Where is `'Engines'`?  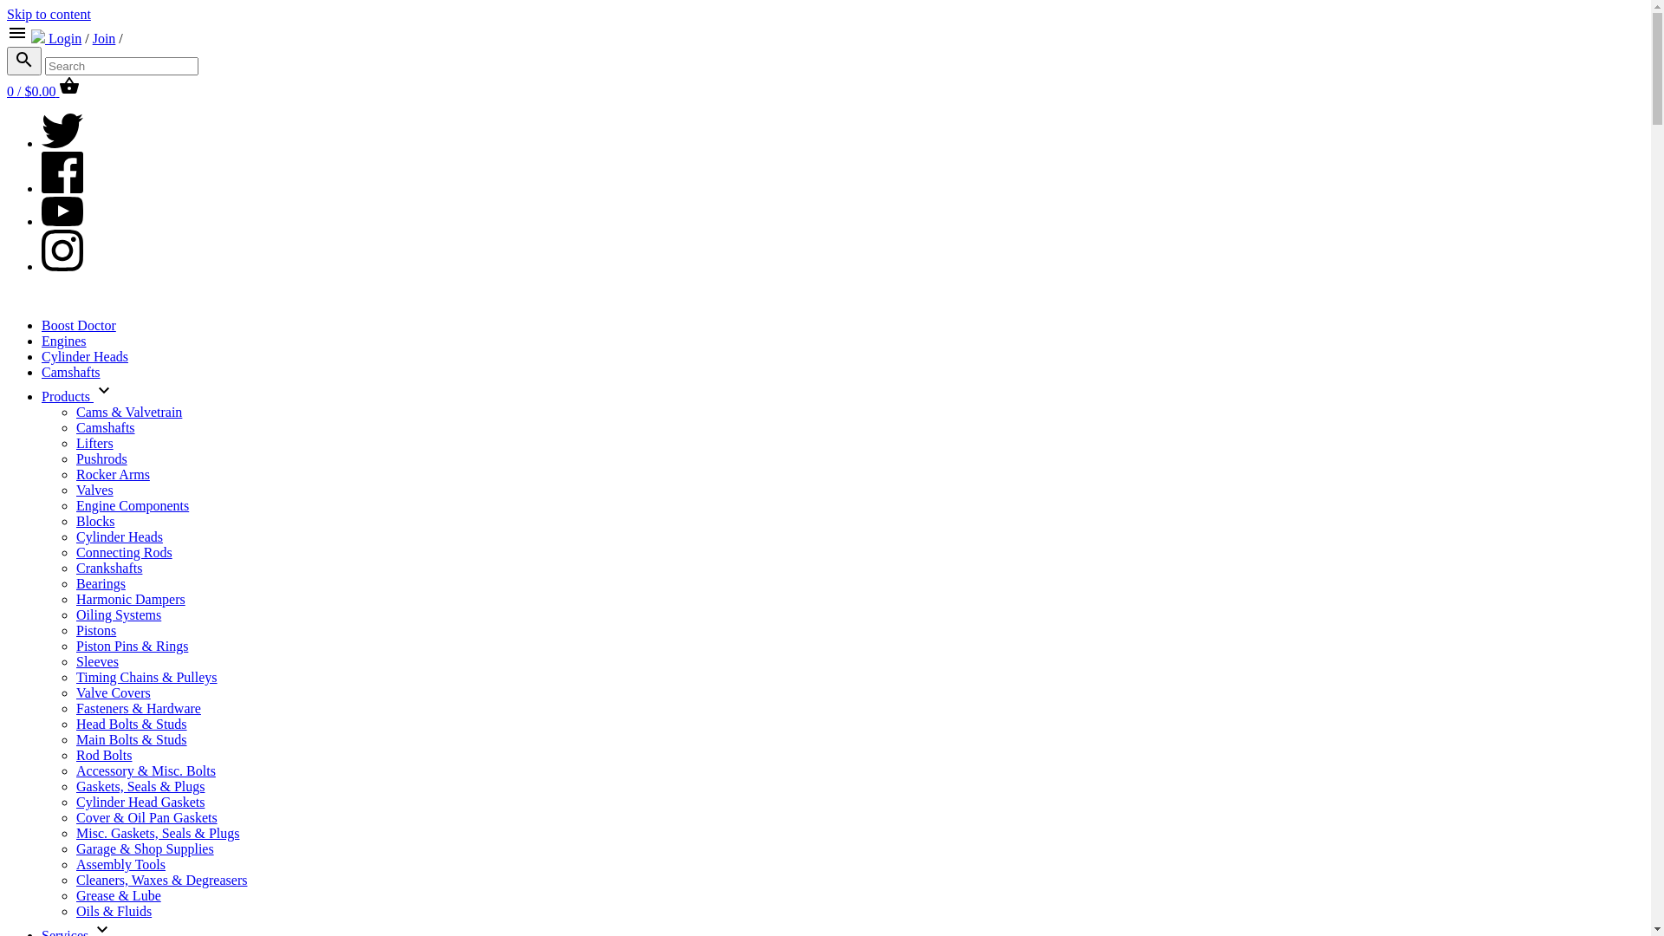
'Engines' is located at coordinates (63, 341).